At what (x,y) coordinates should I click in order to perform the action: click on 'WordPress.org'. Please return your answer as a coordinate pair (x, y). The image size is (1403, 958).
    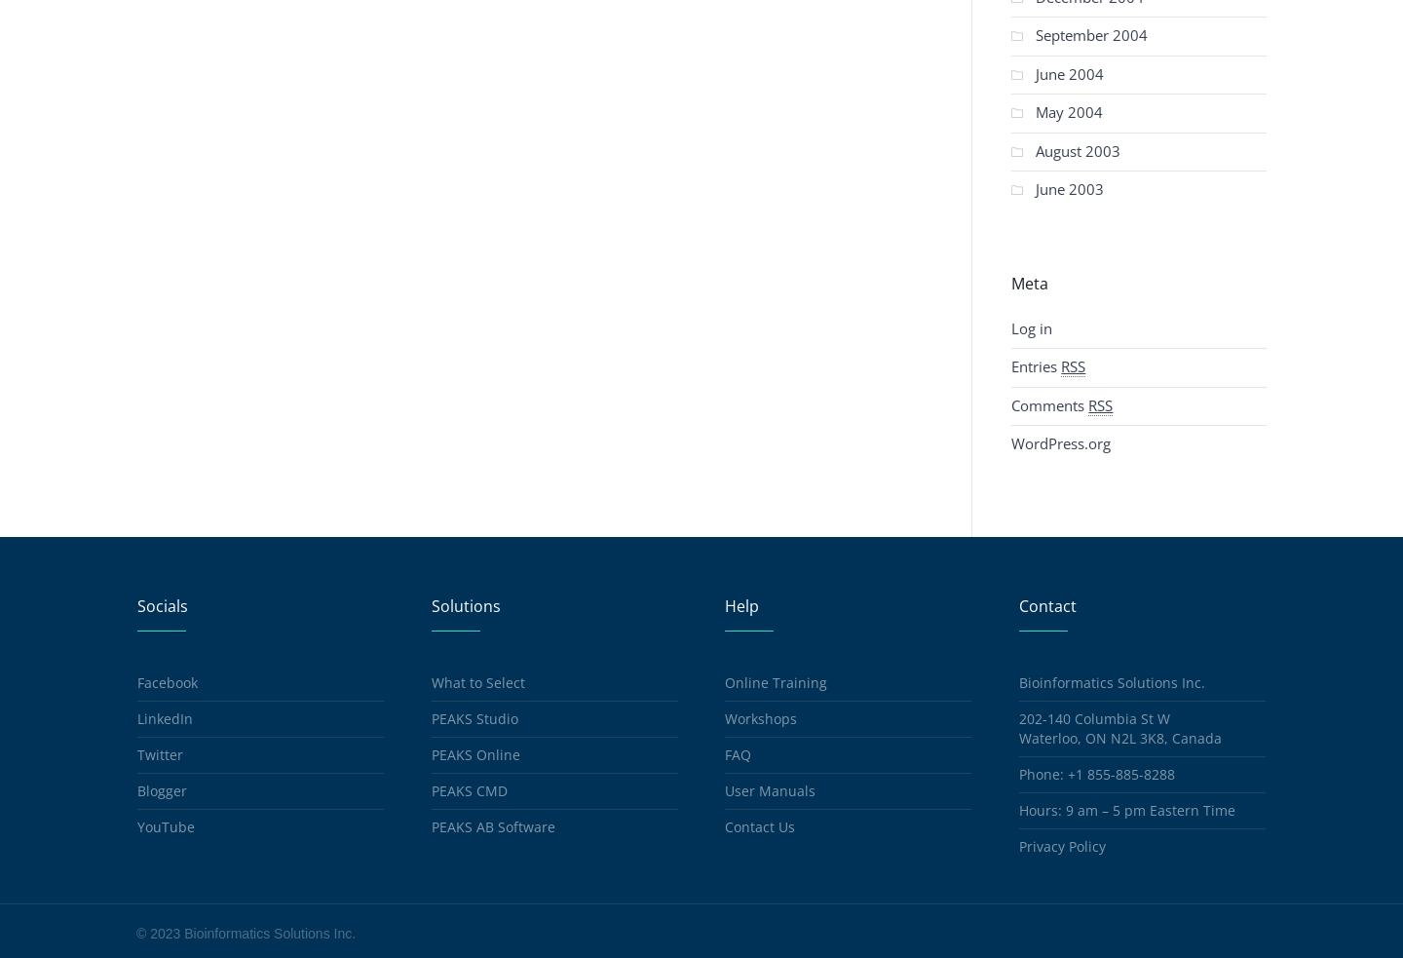
    Looking at the image, I should click on (1059, 442).